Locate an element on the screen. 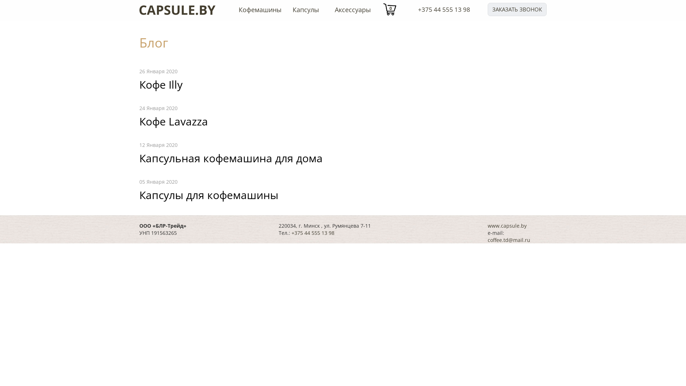 This screenshot has width=686, height=386. 'coffee.td@mail.ru' is located at coordinates (508, 240).